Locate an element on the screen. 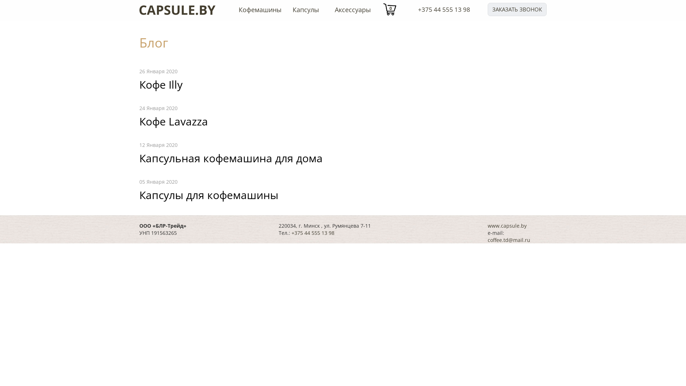 This screenshot has width=686, height=386. 'coffee.td@mail.ru' is located at coordinates (508, 240).